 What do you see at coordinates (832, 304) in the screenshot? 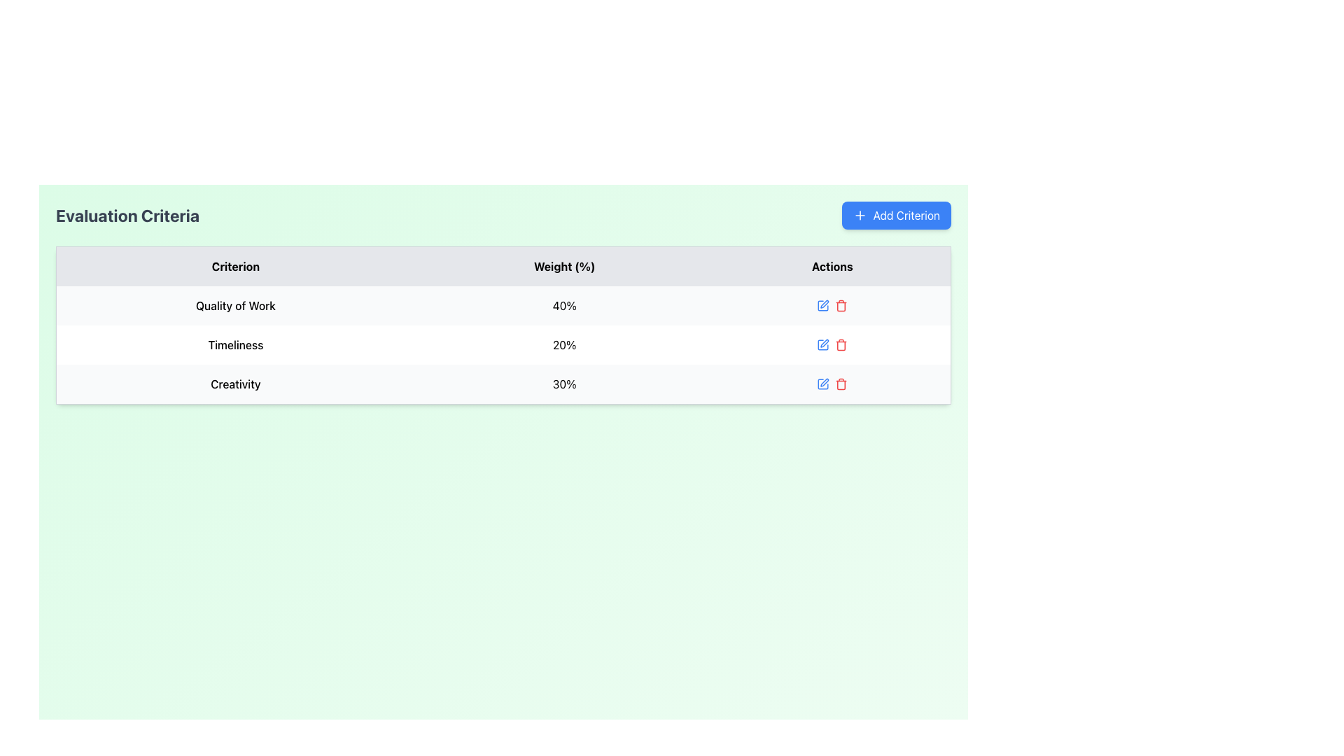
I see `the blue edit icon in the 'Actions' column of the 'Quality of Work' row in the table` at bounding box center [832, 304].